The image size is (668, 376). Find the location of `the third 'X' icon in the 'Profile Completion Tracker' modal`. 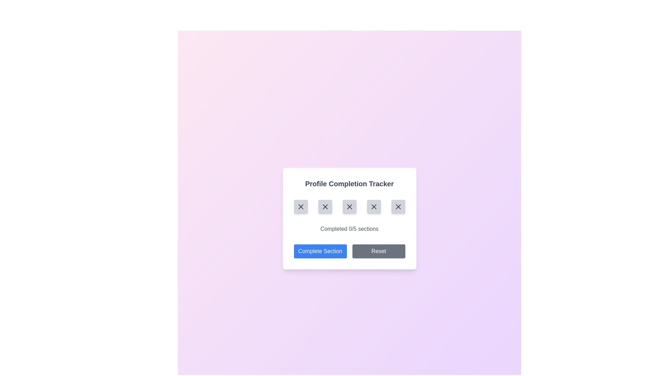

the third 'X' icon in the 'Profile Completion Tracker' modal is located at coordinates (349, 206).